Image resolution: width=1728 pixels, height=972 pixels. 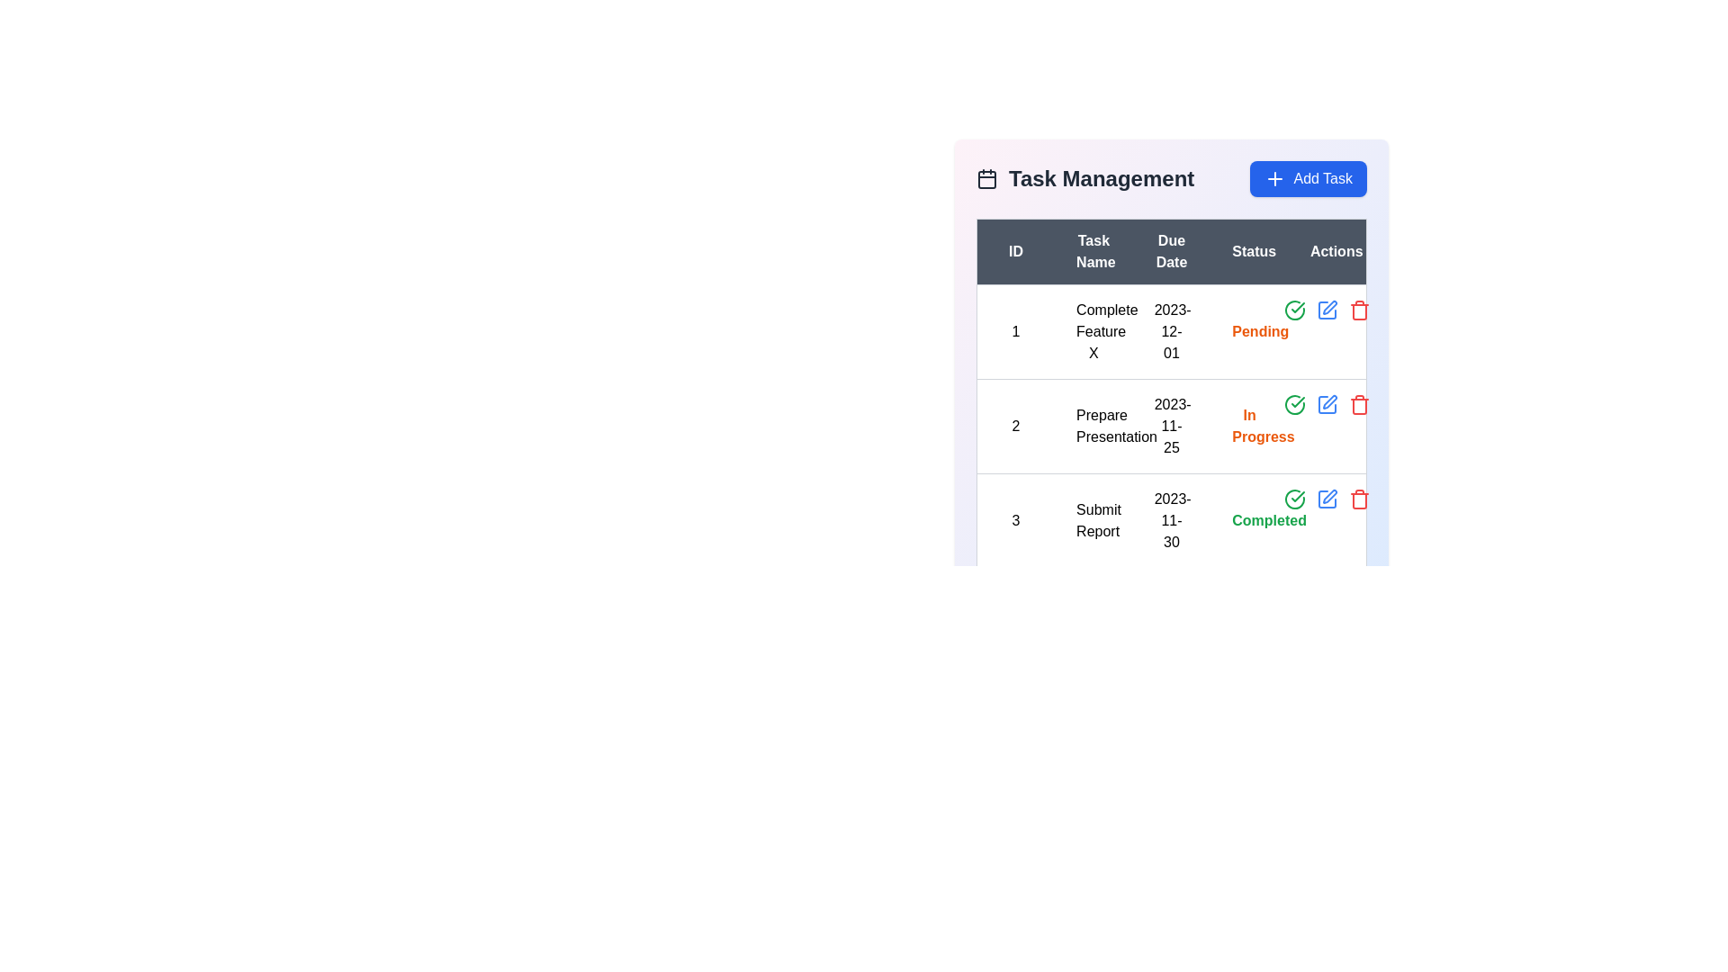 I want to click on the red trash can icon located in the Actions column of the last cell for each row in the data table to change its color, so click(x=1359, y=309).